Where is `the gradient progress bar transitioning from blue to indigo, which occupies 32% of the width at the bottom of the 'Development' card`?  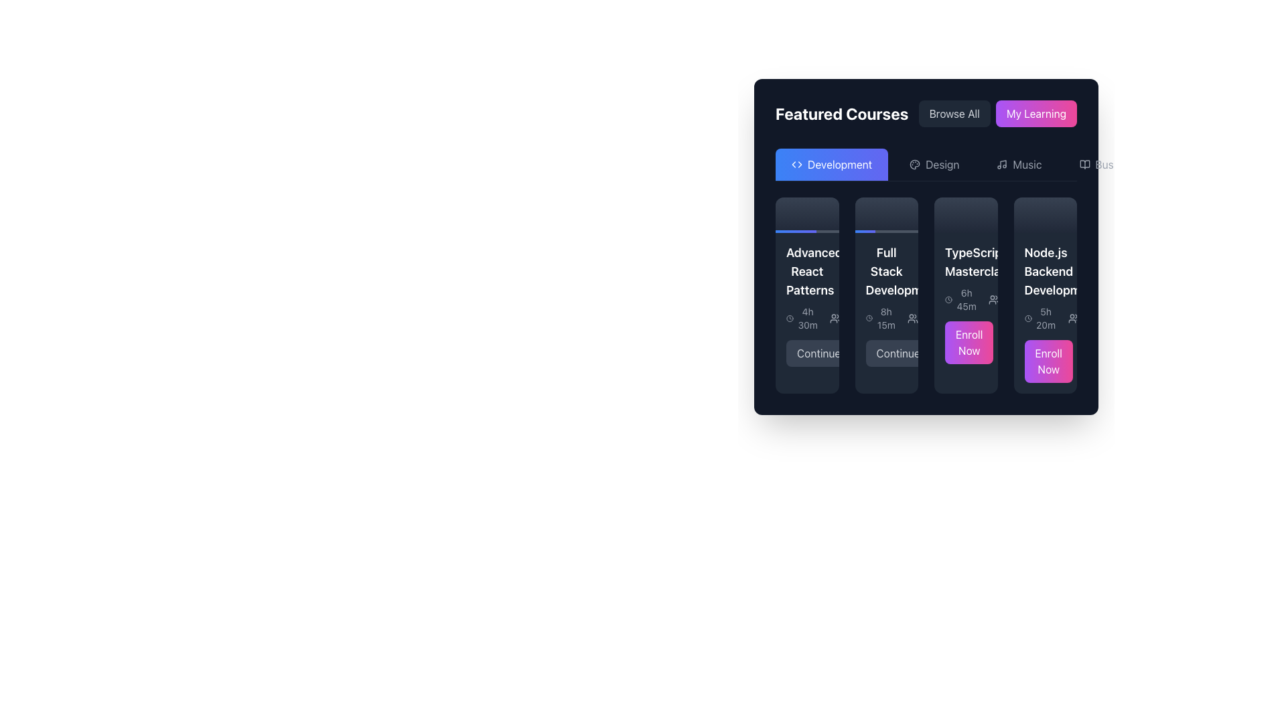 the gradient progress bar transitioning from blue to indigo, which occupies 32% of the width at the bottom of the 'Development' card is located at coordinates (865, 231).